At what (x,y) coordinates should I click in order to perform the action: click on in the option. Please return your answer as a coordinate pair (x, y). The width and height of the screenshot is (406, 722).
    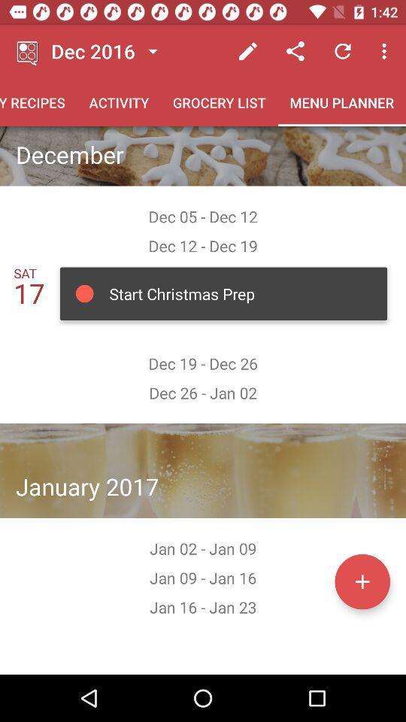
    Looking at the image, I should click on (362, 581).